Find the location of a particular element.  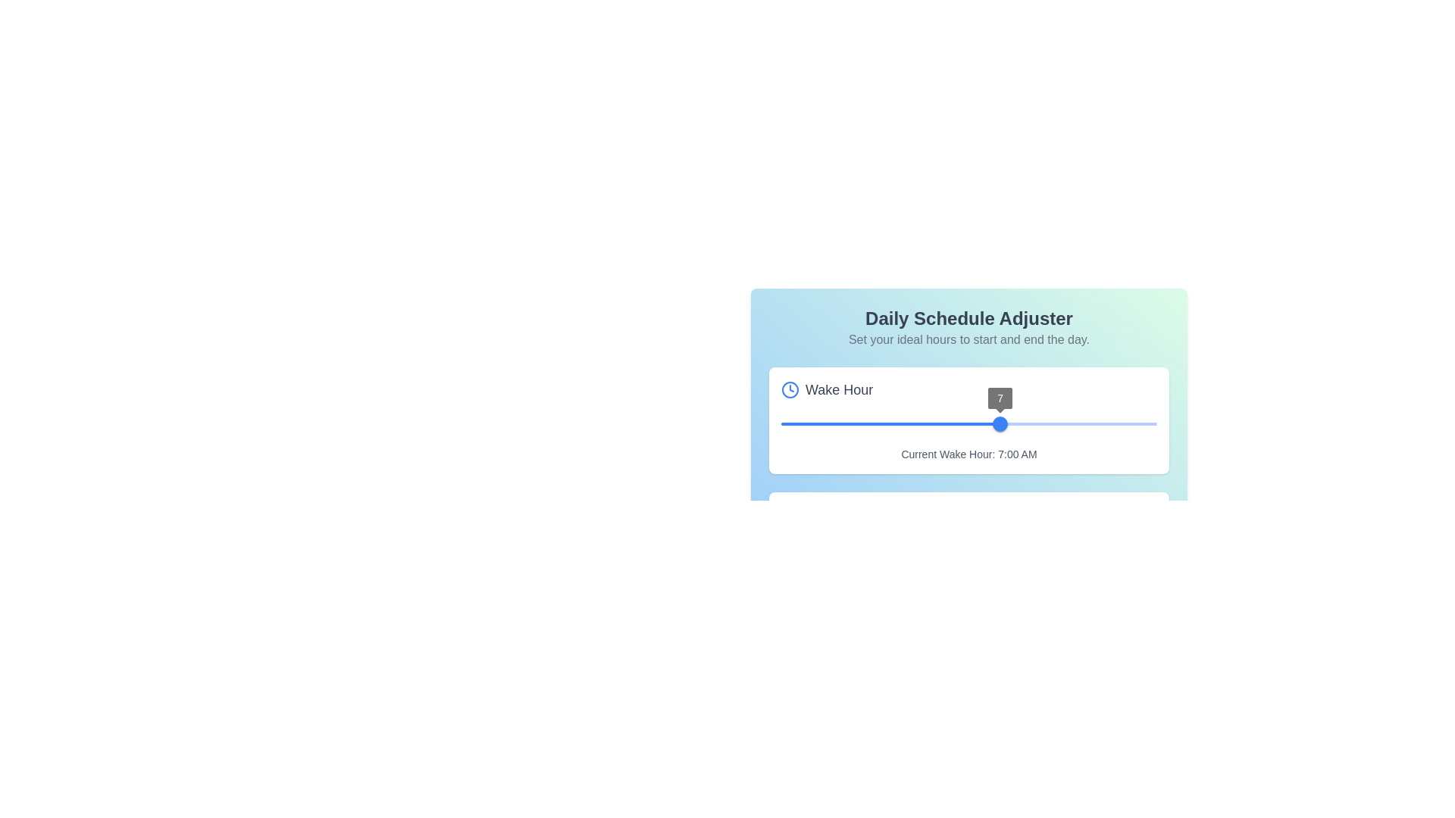

the wake hour is located at coordinates (1141, 423).